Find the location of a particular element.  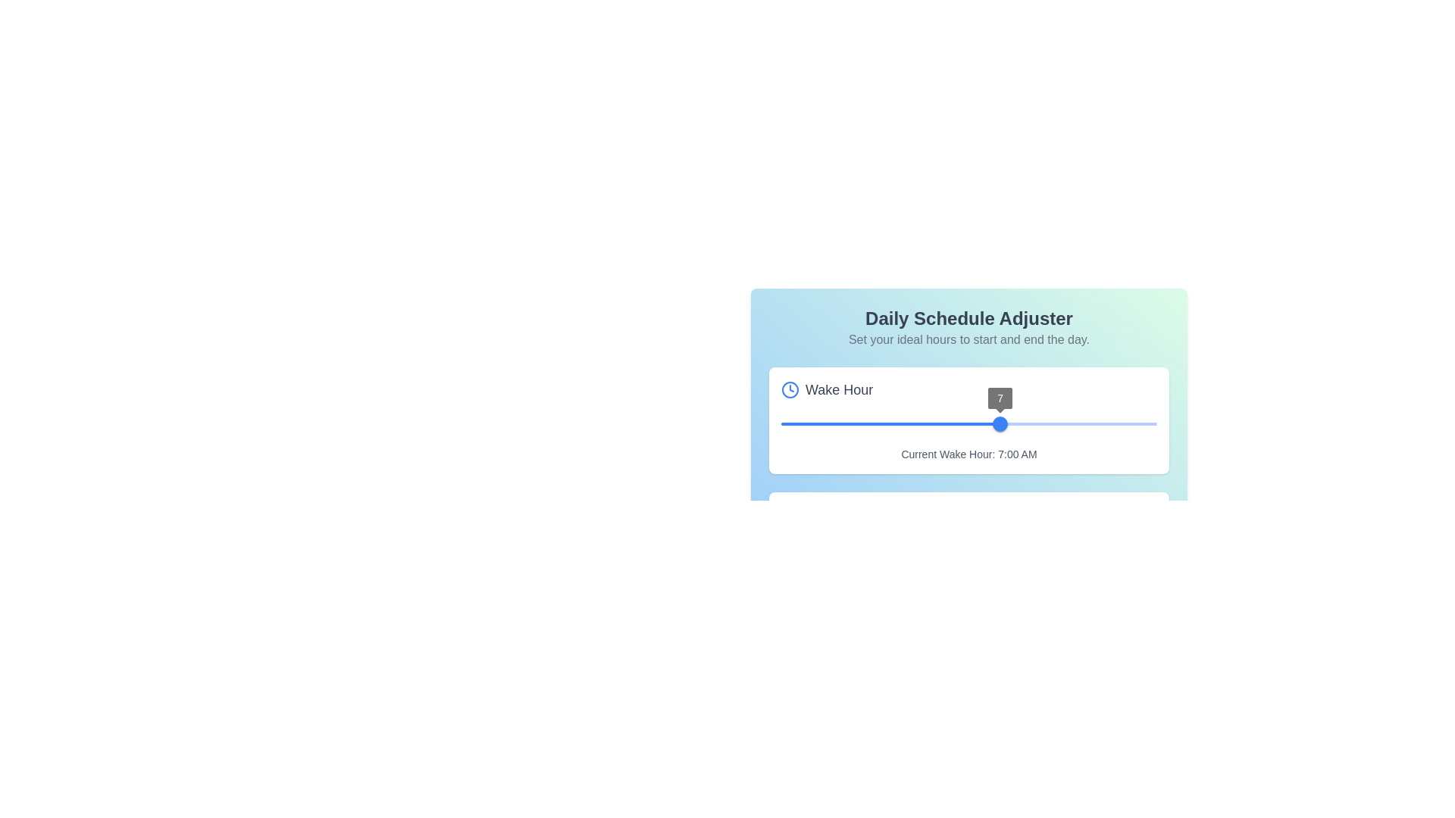

the wake hour is located at coordinates (1141, 423).